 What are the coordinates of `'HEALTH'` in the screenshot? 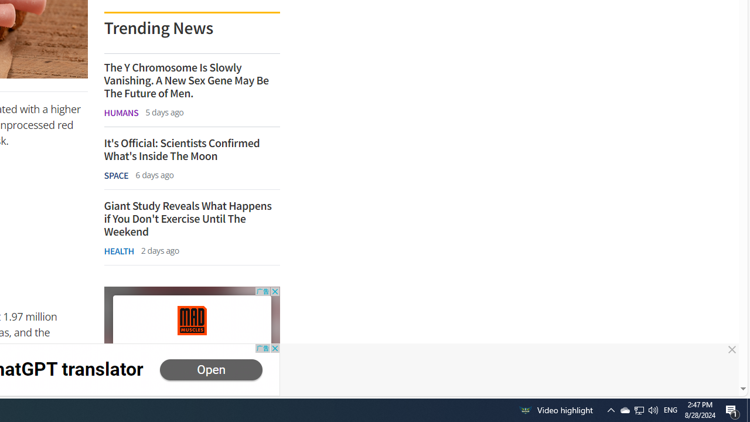 It's located at (118, 250).